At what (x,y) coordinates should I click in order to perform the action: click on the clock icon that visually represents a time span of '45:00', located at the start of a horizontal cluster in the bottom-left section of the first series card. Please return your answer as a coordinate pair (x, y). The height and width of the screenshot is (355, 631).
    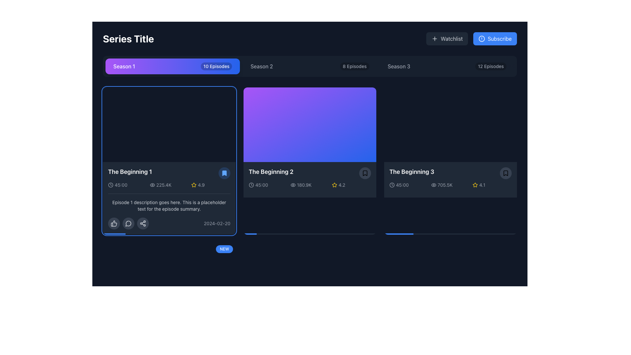
    Looking at the image, I should click on (110, 185).